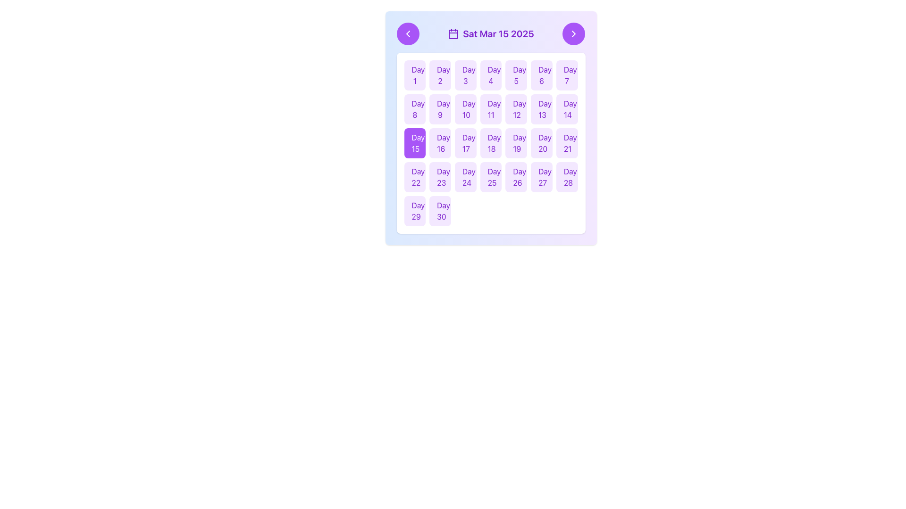  What do you see at coordinates (440, 177) in the screenshot?
I see `the calendar cell representing the 23rd day` at bounding box center [440, 177].